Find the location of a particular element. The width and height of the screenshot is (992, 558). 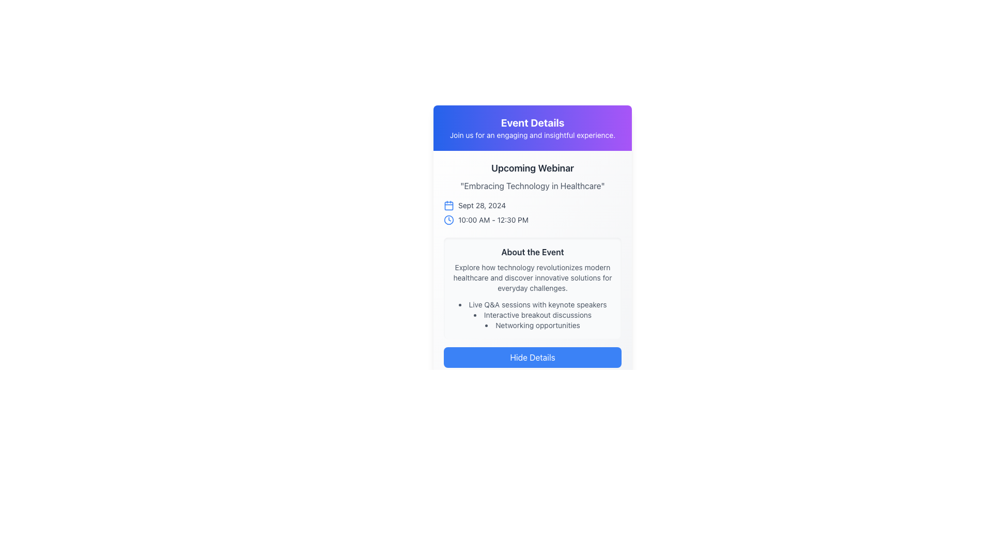

the third item in the bulleted list under the 'About the Event' section, which presents information about networking opportunities is located at coordinates (533, 324).